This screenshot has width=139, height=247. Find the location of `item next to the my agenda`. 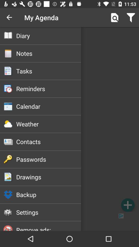

item next to the my agenda is located at coordinates (115, 17).